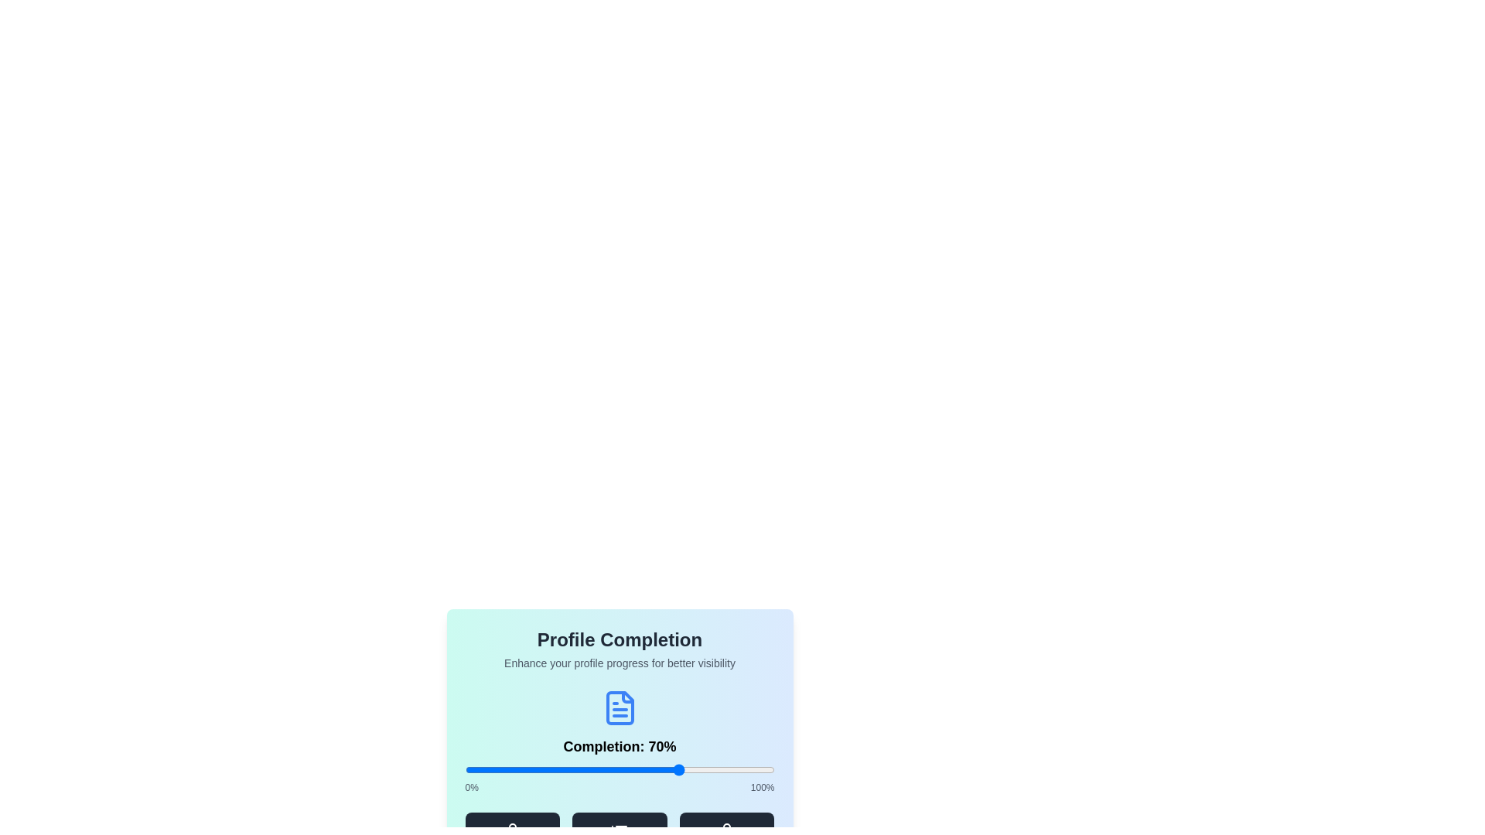  What do you see at coordinates (582, 769) in the screenshot?
I see `the profile completion slider` at bounding box center [582, 769].